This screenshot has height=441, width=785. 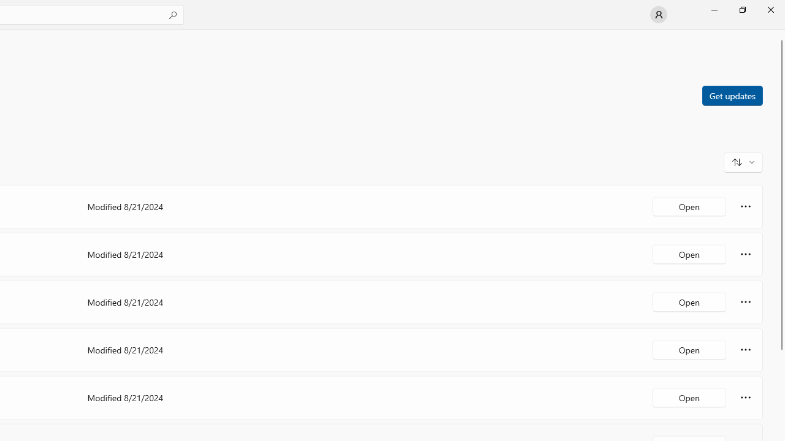 I want to click on 'User profile', so click(x=657, y=15).